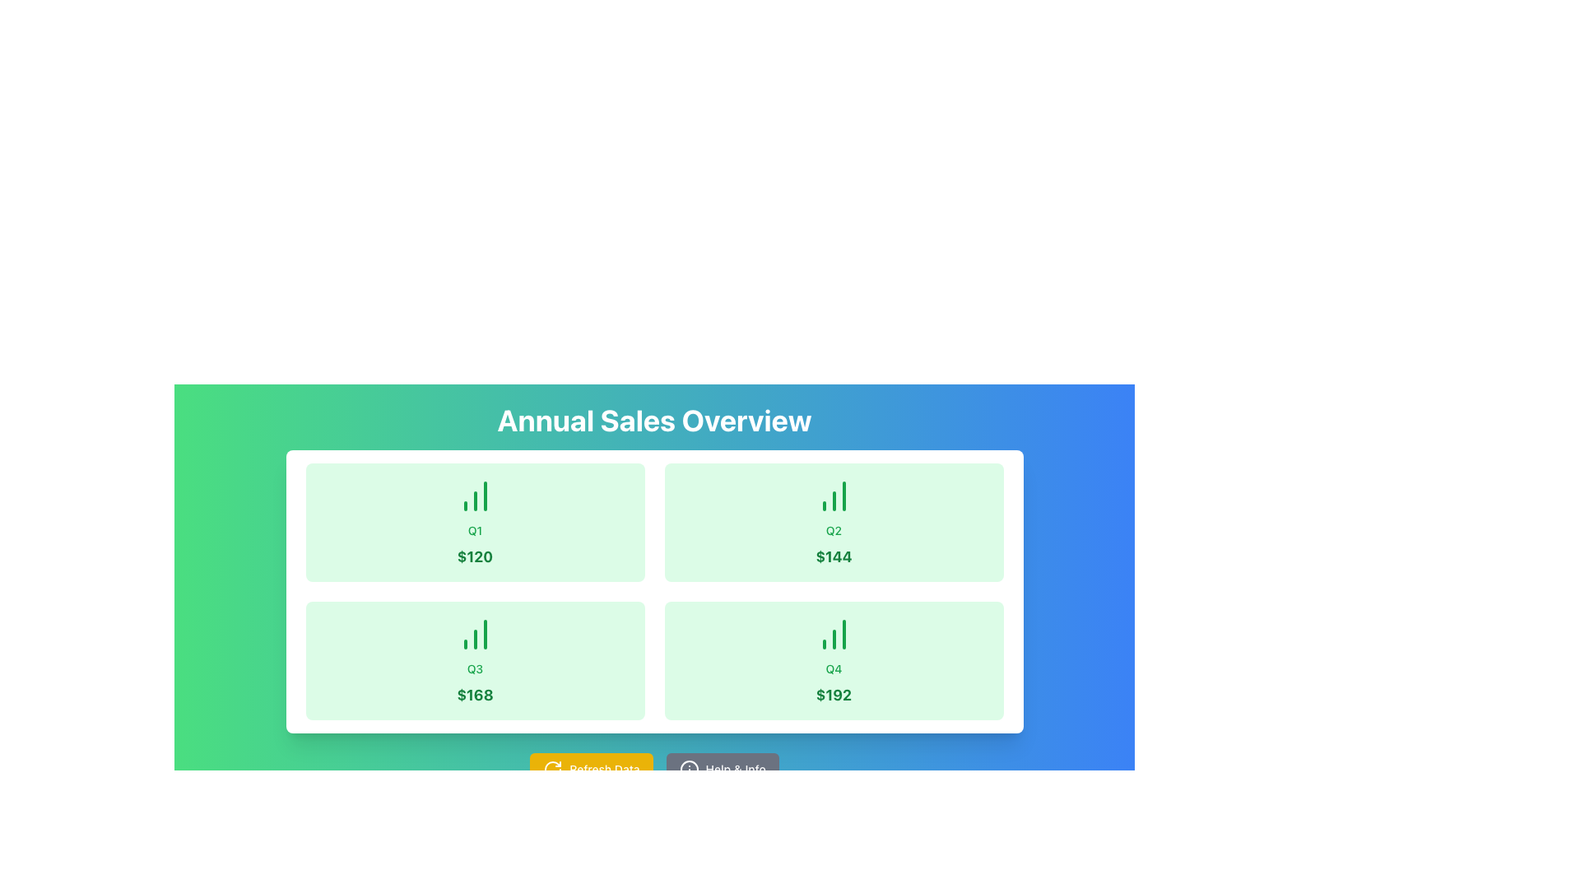  What do you see at coordinates (553, 769) in the screenshot?
I see `the circular arrow icon of the 'Refresh Data' button, which is styled with a thin stroke and has a vivid yellow background, located at the bottom-left area of the interface` at bounding box center [553, 769].